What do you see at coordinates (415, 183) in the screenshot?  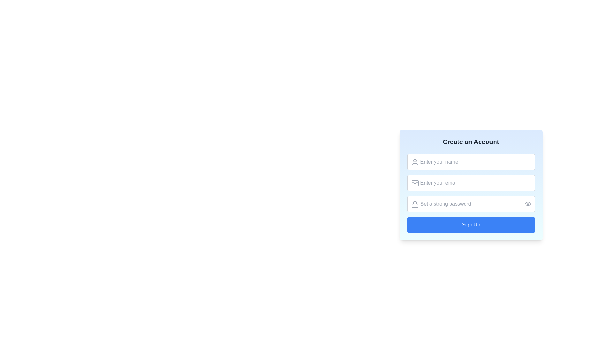 I see `the decorative mail icon component that visually indicates the purpose of the adjacent email input field` at bounding box center [415, 183].